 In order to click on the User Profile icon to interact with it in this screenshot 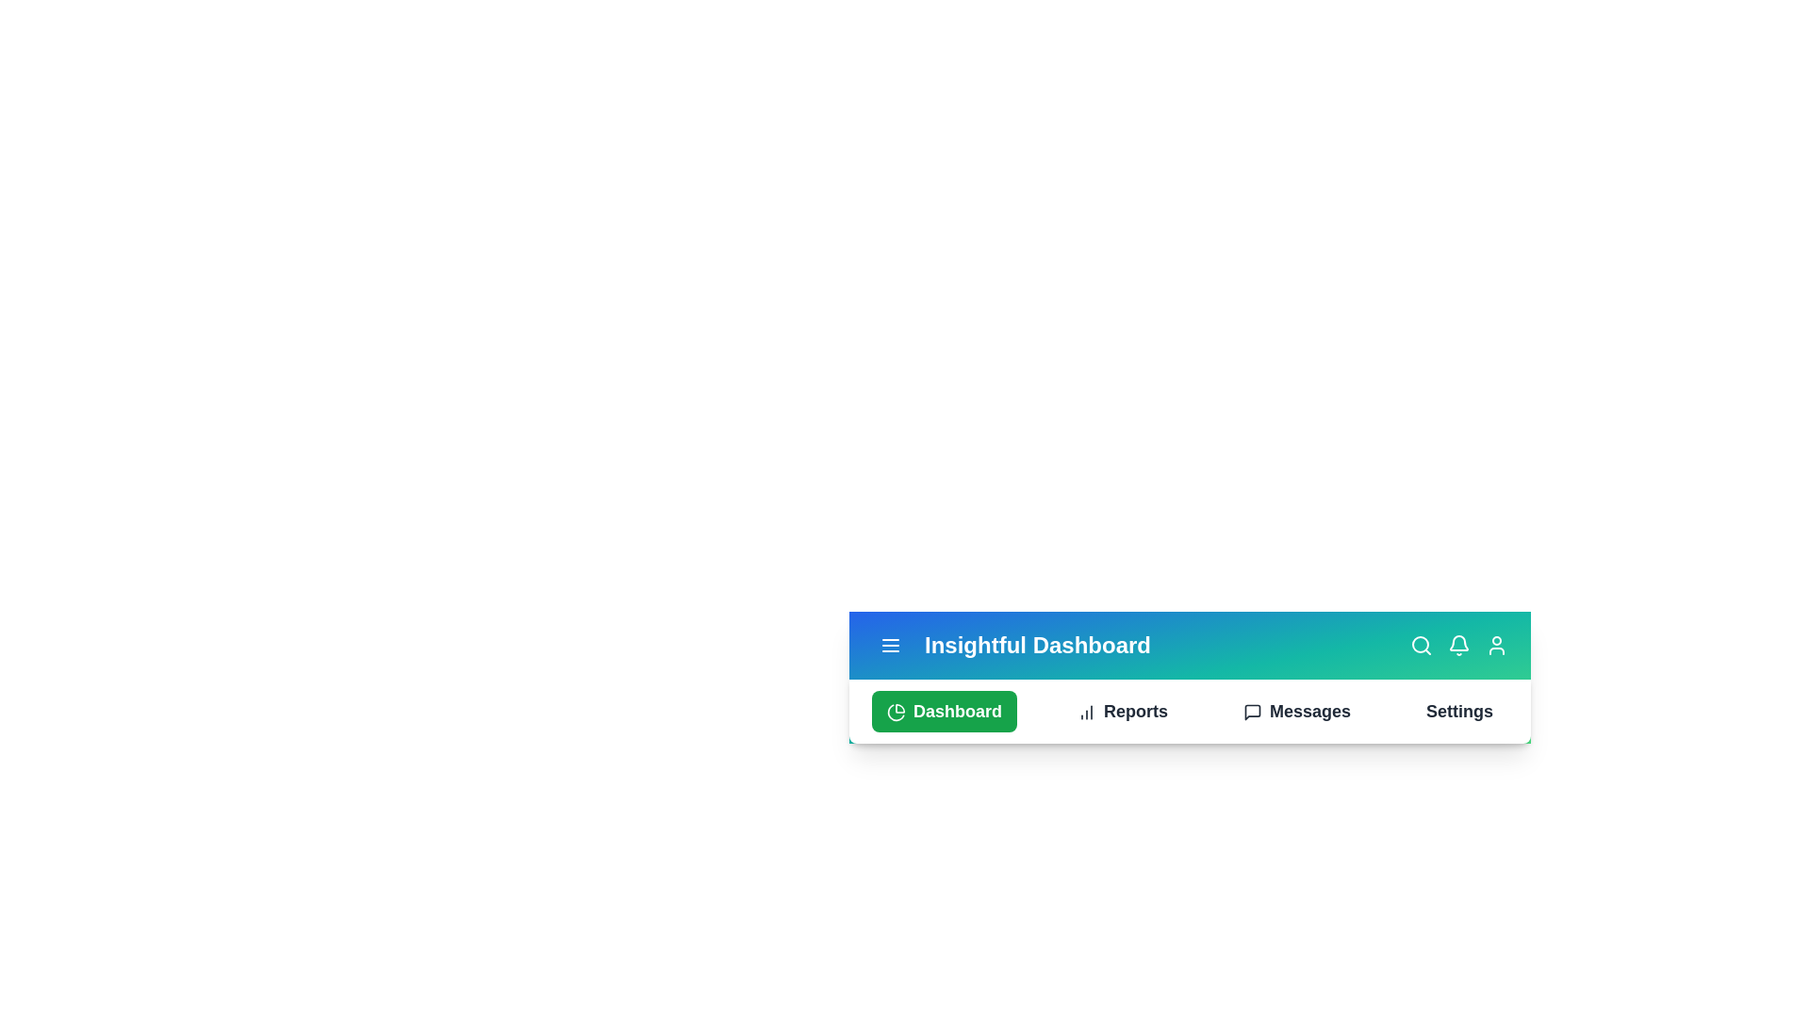, I will do `click(1496, 645)`.